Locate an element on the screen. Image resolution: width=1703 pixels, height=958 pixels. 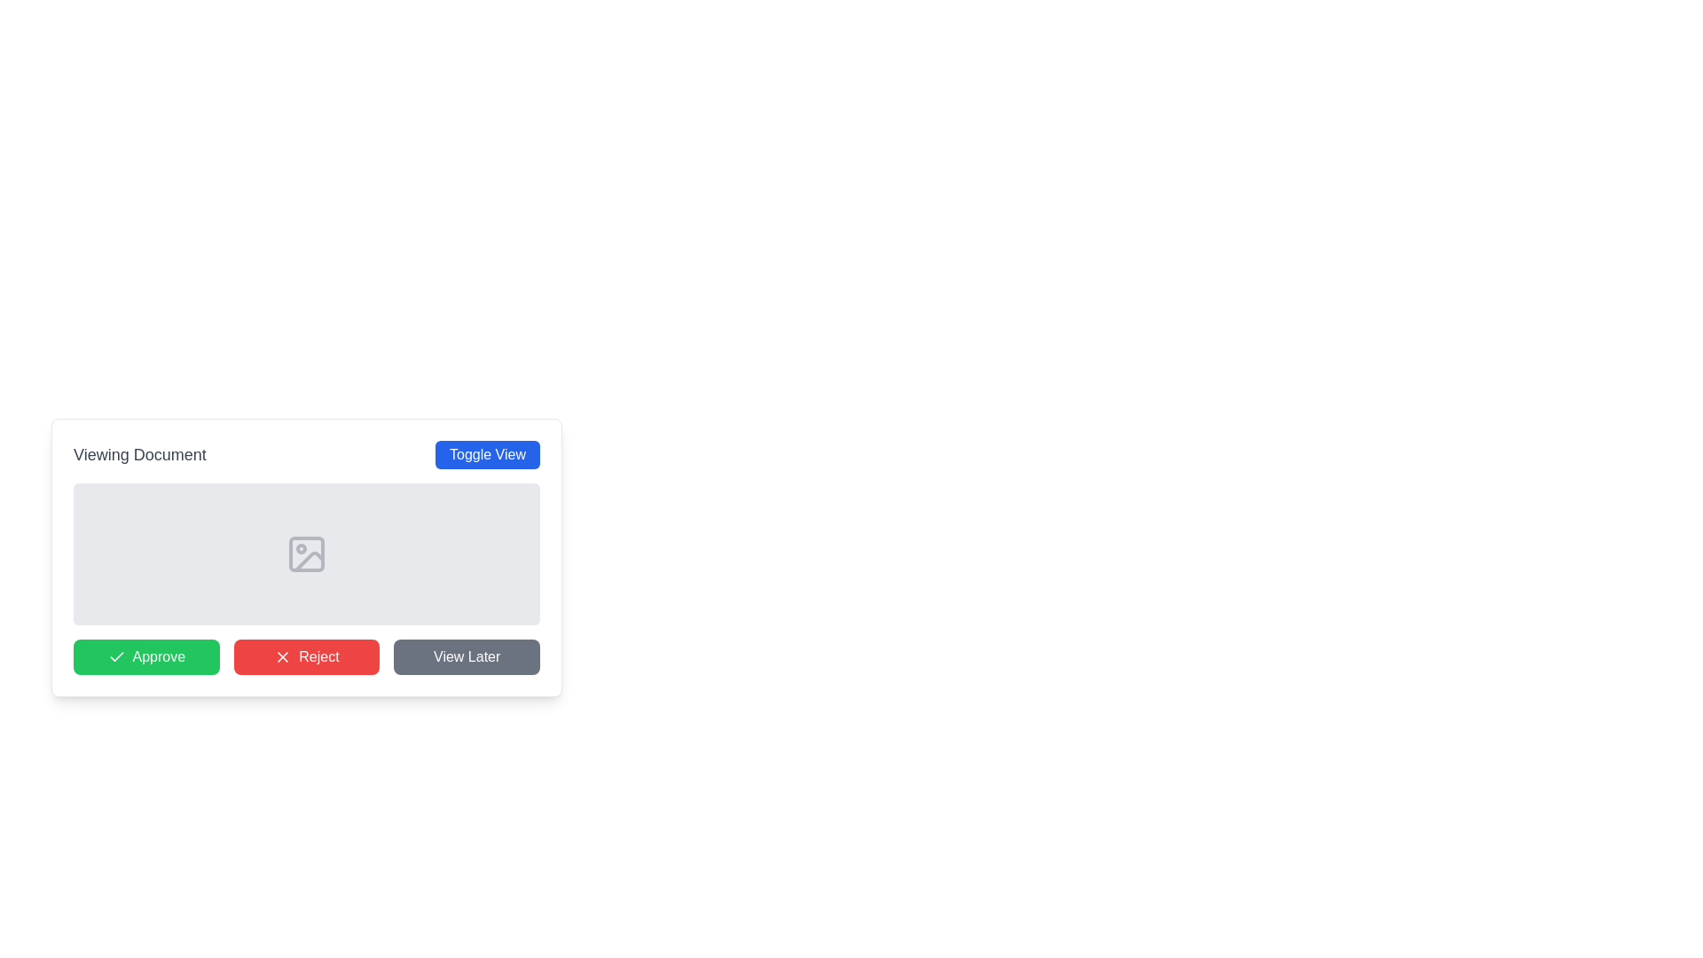
the button group containing 'Approve', 'Reject', and 'View Later' buttons is located at coordinates (306, 656).